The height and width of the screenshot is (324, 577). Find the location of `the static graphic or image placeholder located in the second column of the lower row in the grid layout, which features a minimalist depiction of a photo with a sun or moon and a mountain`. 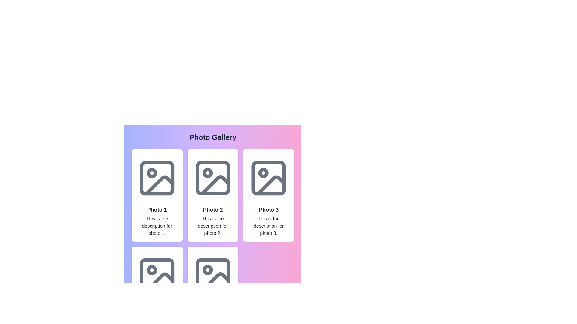

the static graphic or image placeholder located in the second column of the lower row in the grid layout, which features a minimalist depiction of a photo with a sun or moon and a mountain is located at coordinates (213, 275).